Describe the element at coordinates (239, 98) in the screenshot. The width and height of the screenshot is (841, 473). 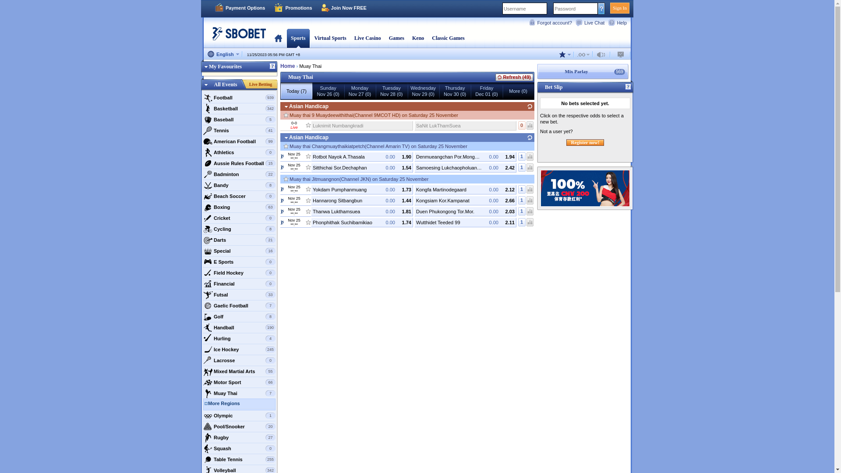
I see `'Football` at that location.